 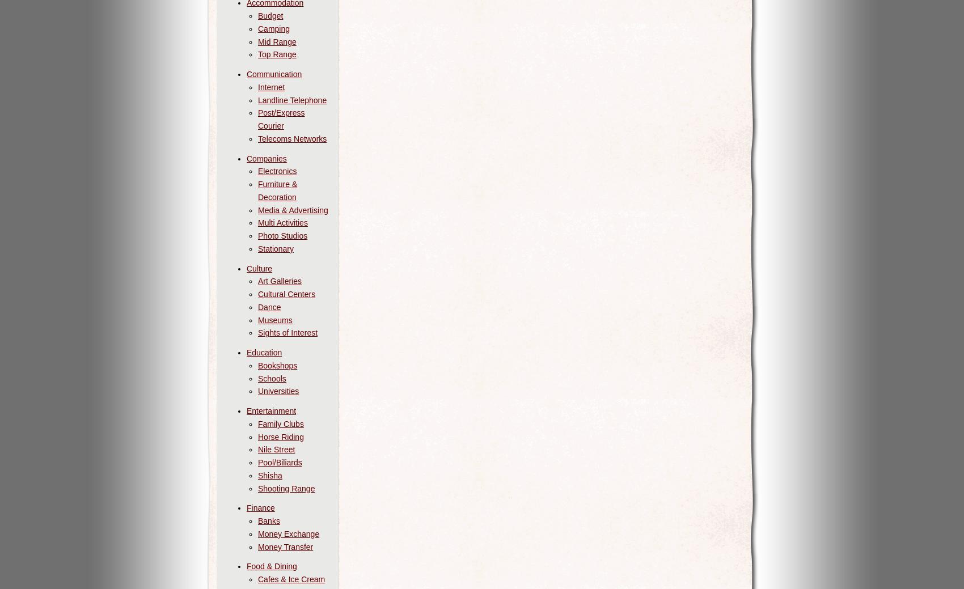 I want to click on 'Shisha', so click(x=270, y=474).